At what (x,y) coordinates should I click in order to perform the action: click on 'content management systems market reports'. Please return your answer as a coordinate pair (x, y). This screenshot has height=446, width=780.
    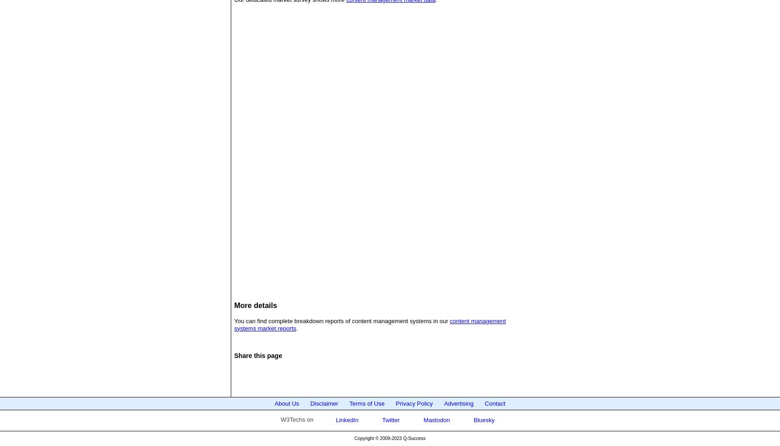
    Looking at the image, I should click on (369, 324).